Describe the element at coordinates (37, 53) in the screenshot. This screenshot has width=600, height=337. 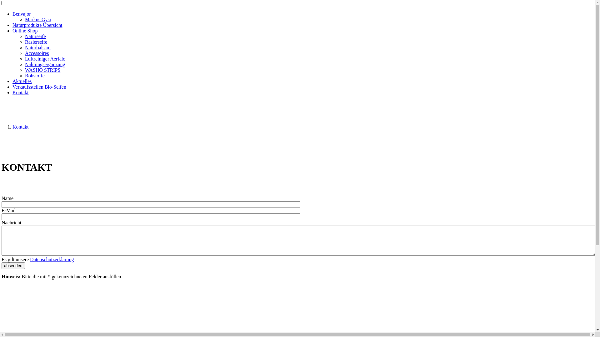
I see `'Accessoires'` at that location.